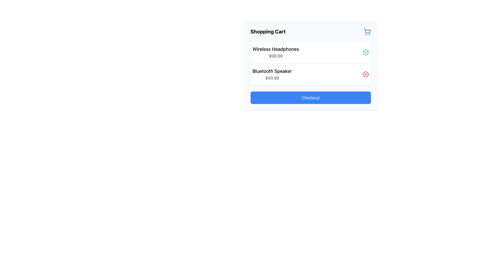 The width and height of the screenshot is (498, 280). I want to click on the 'Wireless Headphones' text label in the shopping cart interface, so click(275, 49).